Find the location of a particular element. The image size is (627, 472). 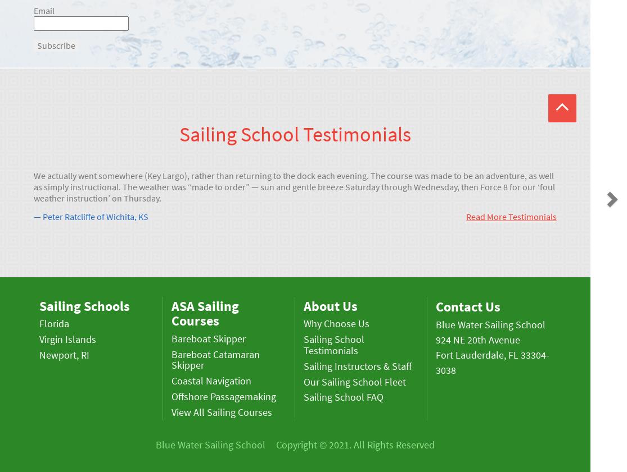

'About Us' is located at coordinates (330, 306).